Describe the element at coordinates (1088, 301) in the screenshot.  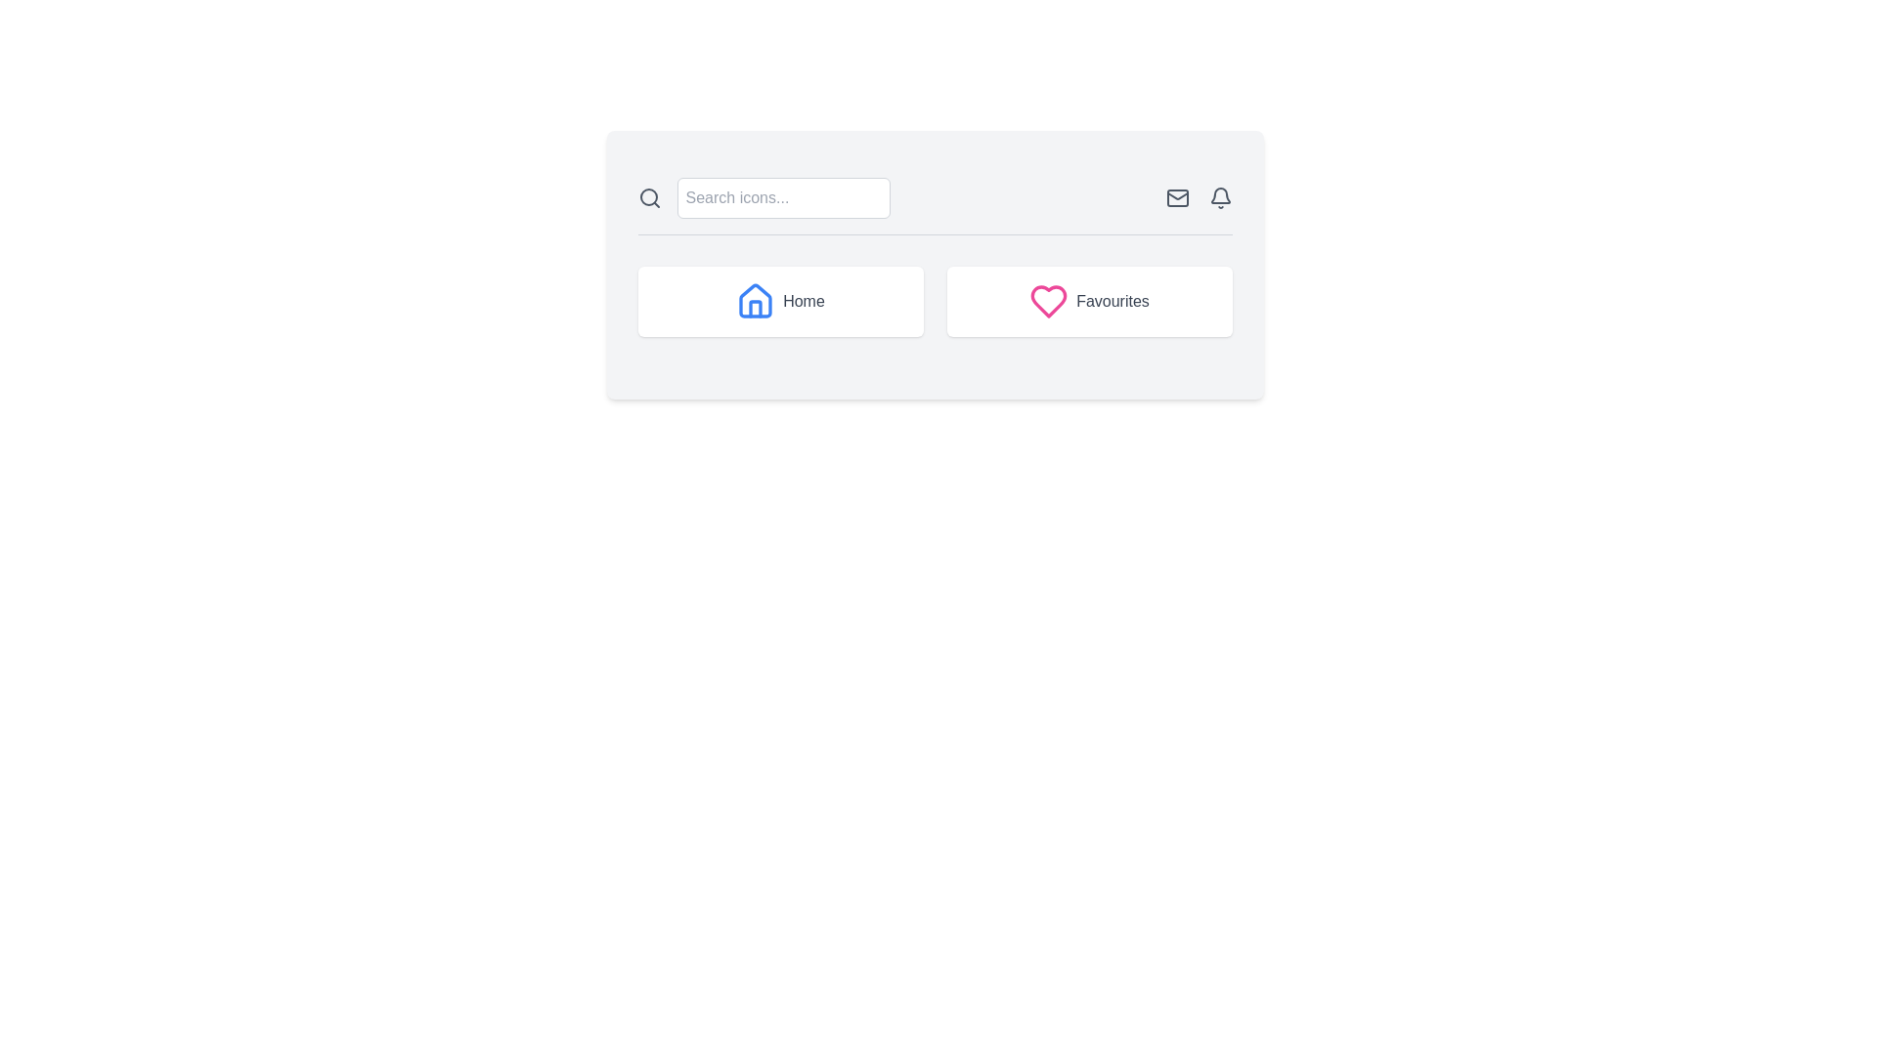
I see `the 'Favourites' button, which is a rectangular button with rounded corners, featuring a pink heart icon and gray text on a white background, located to the right of the 'Home' button` at that location.